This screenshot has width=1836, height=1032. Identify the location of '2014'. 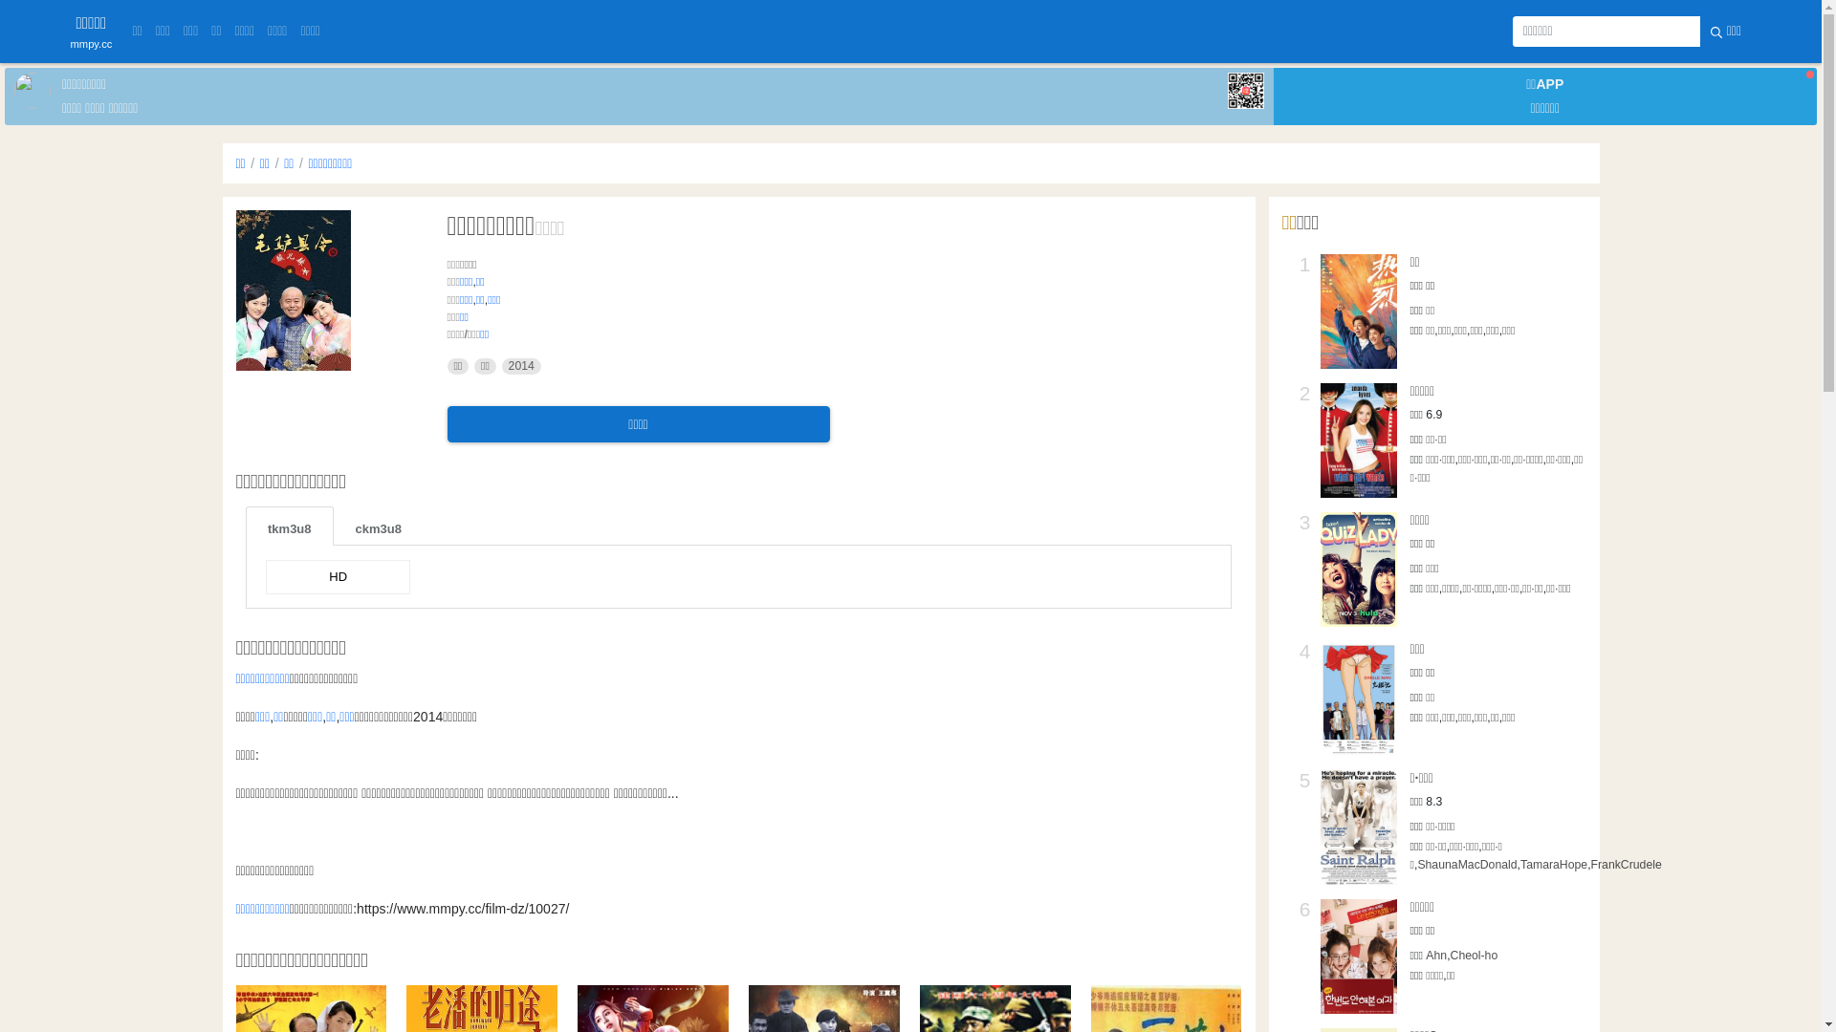
(521, 366).